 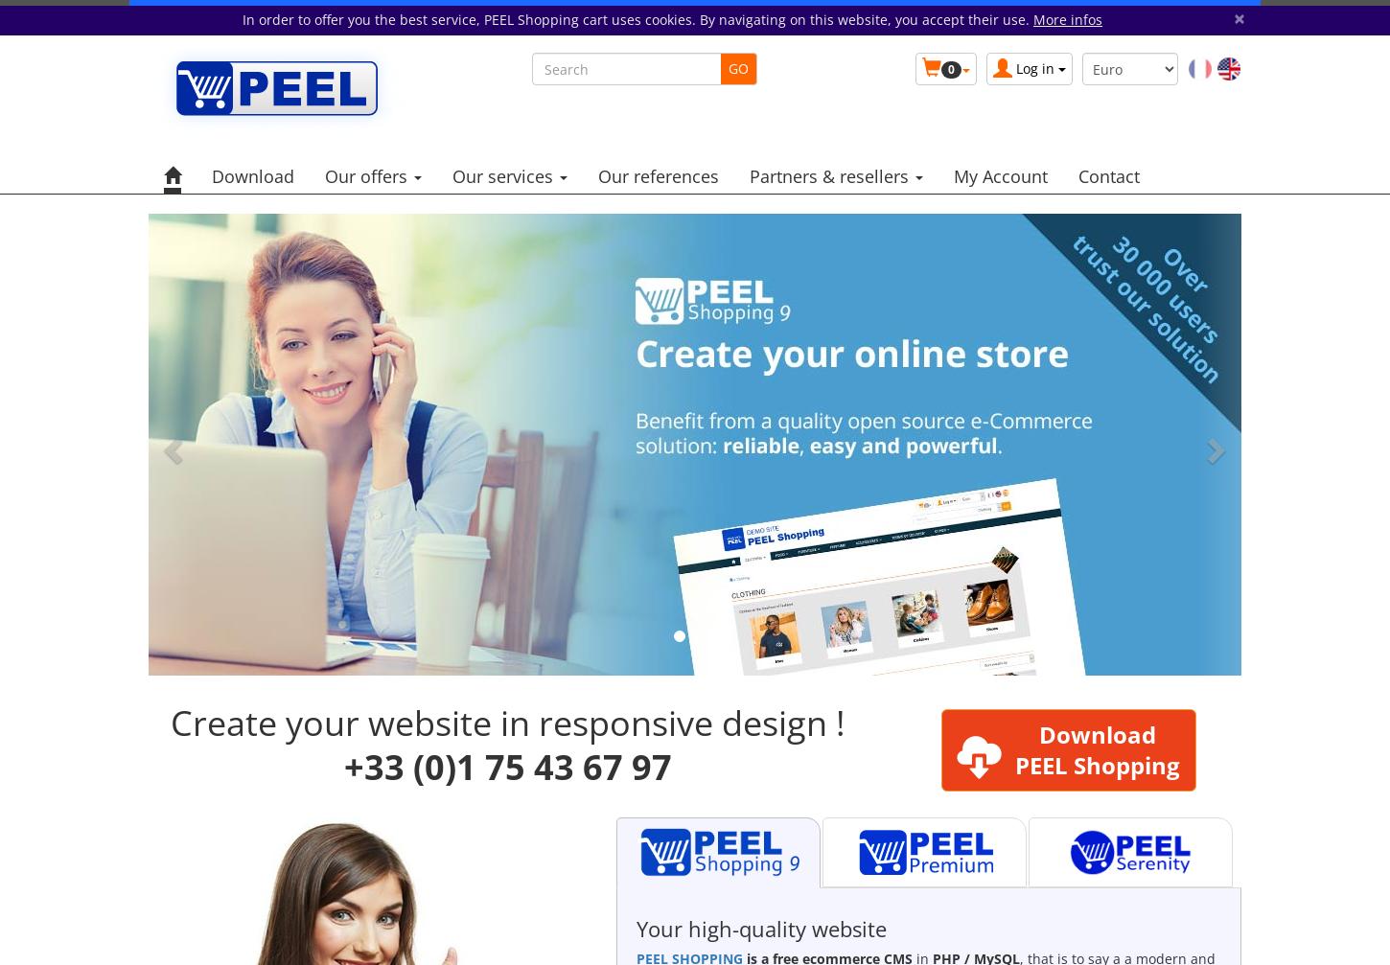 What do you see at coordinates (760, 927) in the screenshot?
I see `'Your high-quality website'` at bounding box center [760, 927].